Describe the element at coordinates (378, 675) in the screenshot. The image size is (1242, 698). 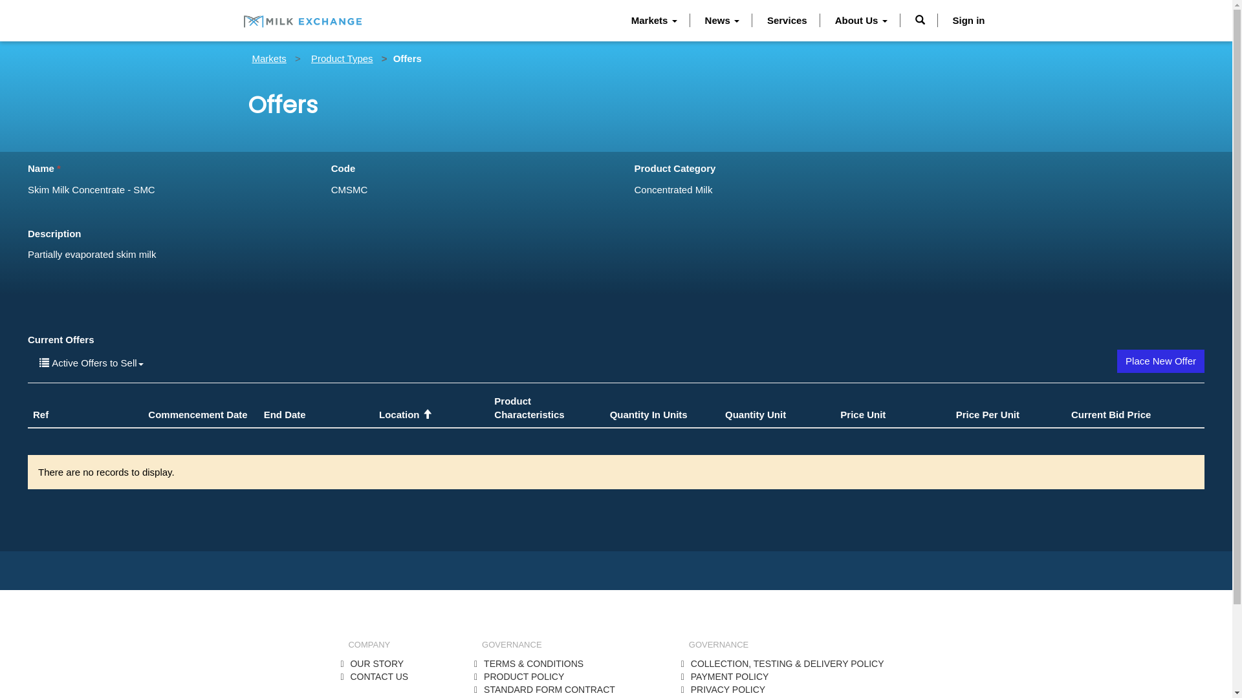
I see `'CONTACT US'` at that location.